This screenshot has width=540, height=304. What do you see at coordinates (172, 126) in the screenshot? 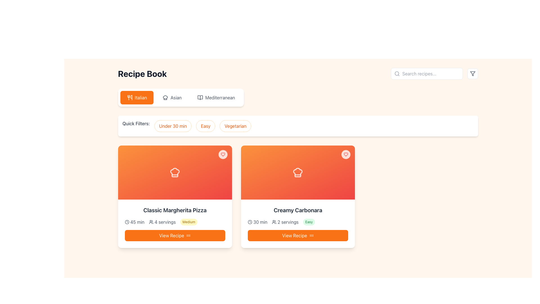
I see `the 'Under 30 min' button, which is a rounded button with an orange border and text, located under the 'Quick Filters:' heading` at bounding box center [172, 126].